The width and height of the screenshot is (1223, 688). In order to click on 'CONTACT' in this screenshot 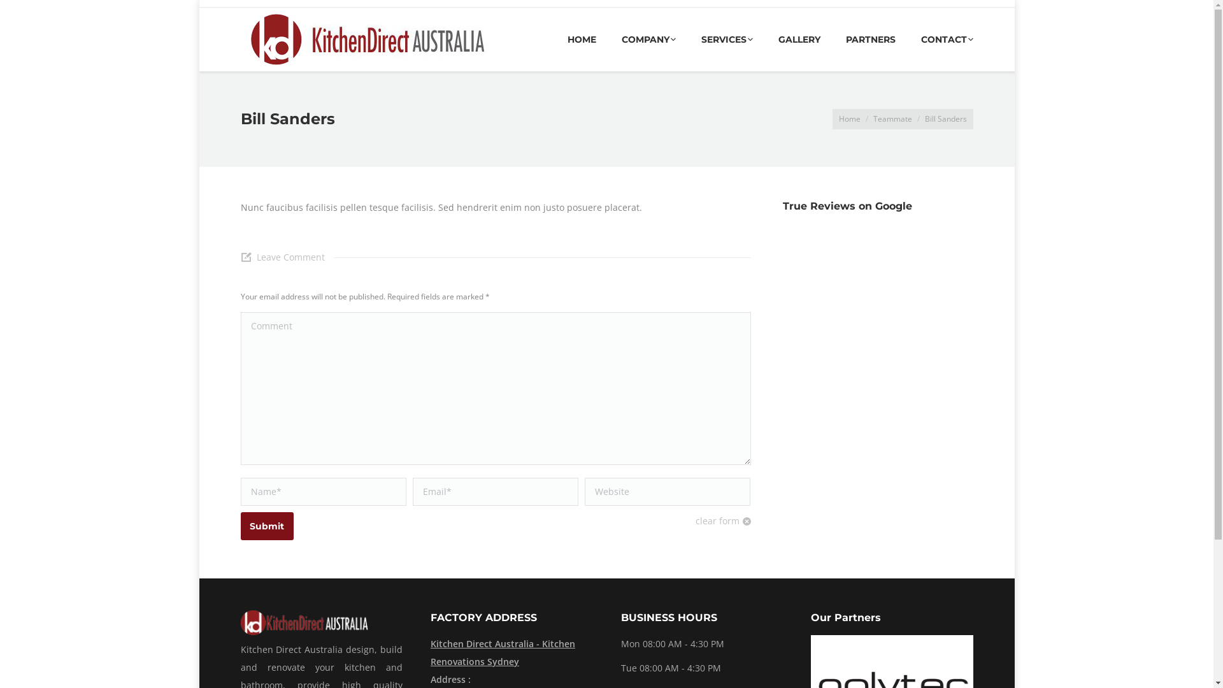, I will do `click(947, 38)`.